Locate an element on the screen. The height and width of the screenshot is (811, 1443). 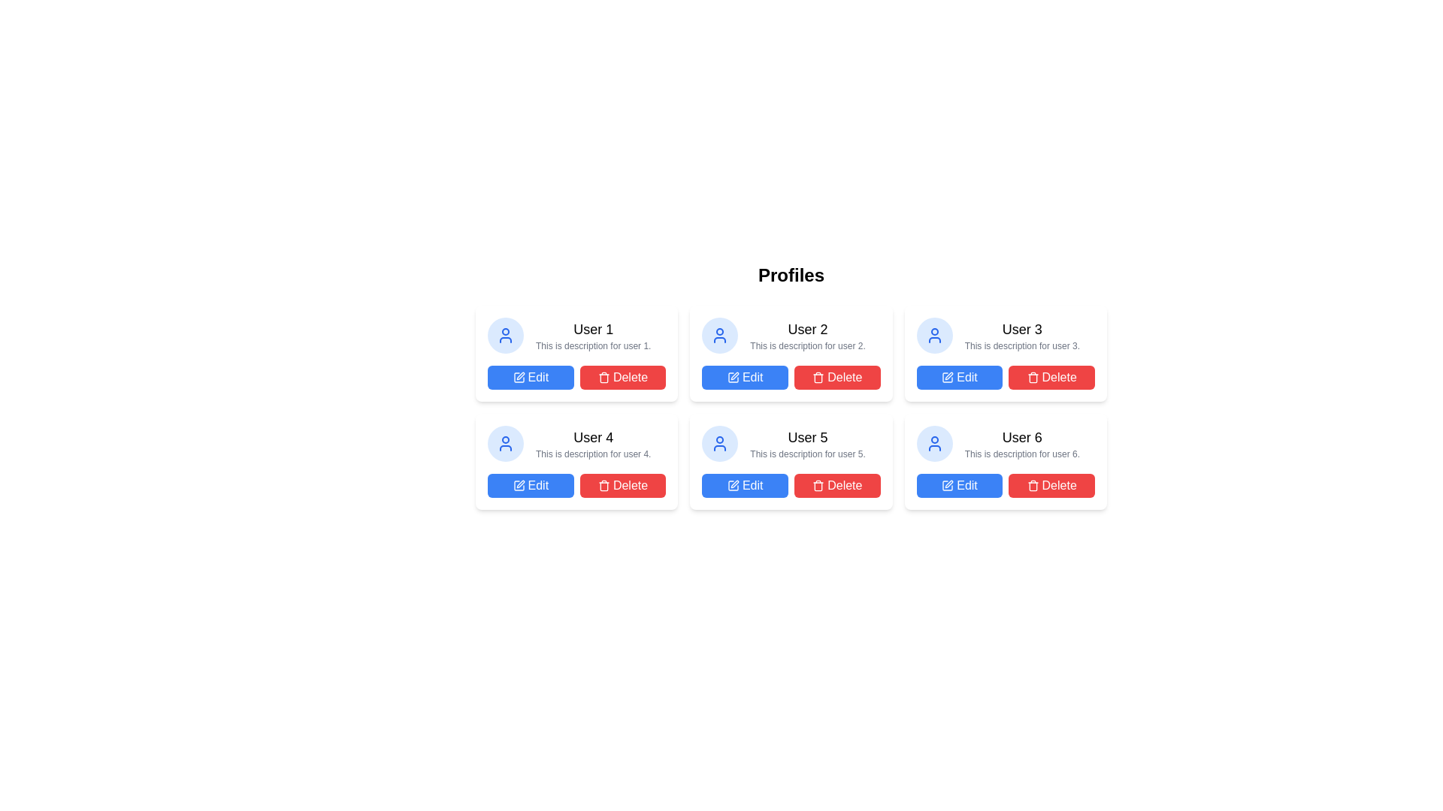
the circular user icon with a light blue background and a person outline is located at coordinates (505, 335).